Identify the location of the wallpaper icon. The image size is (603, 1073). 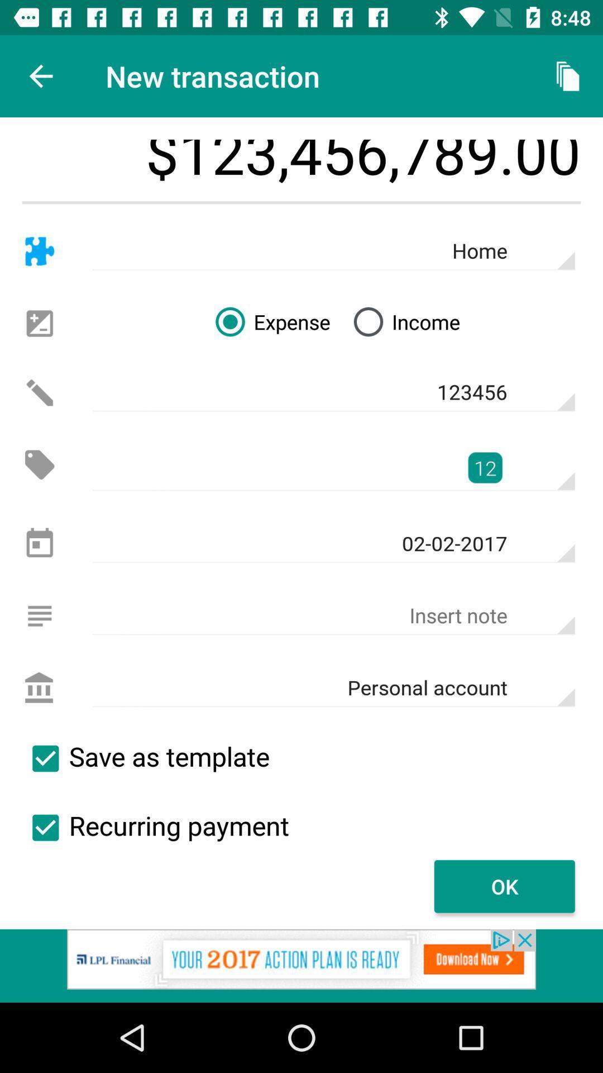
(39, 323).